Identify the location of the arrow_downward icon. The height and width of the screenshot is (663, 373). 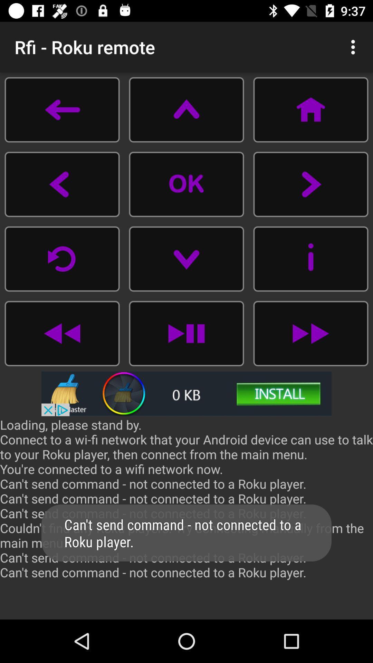
(186, 258).